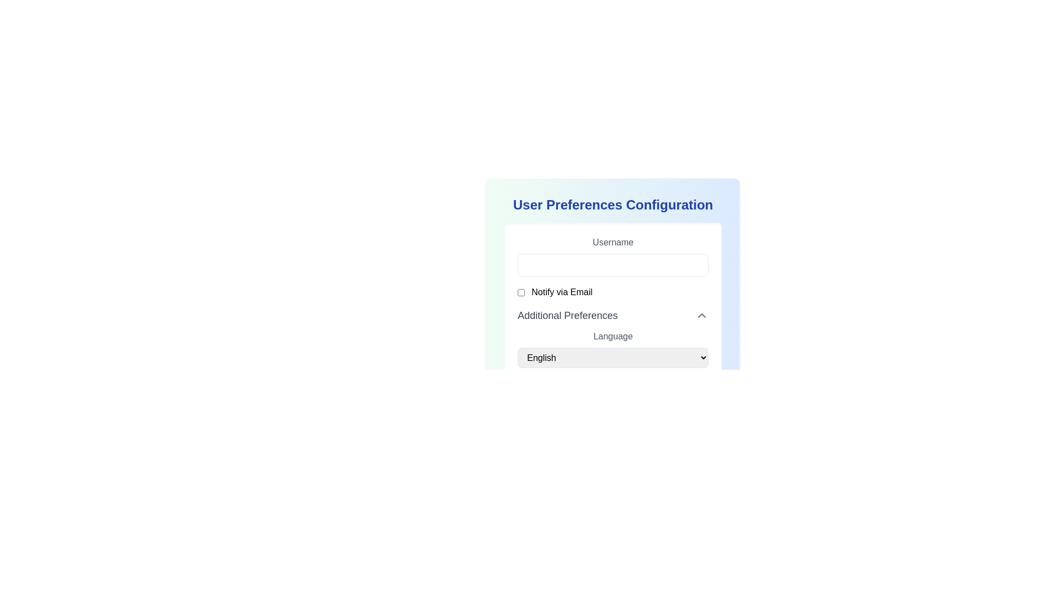 The width and height of the screenshot is (1062, 597). Describe the element at coordinates (612, 349) in the screenshot. I see `the 'Language' dropdown menu located in the 'Additional Preferences' section` at that location.